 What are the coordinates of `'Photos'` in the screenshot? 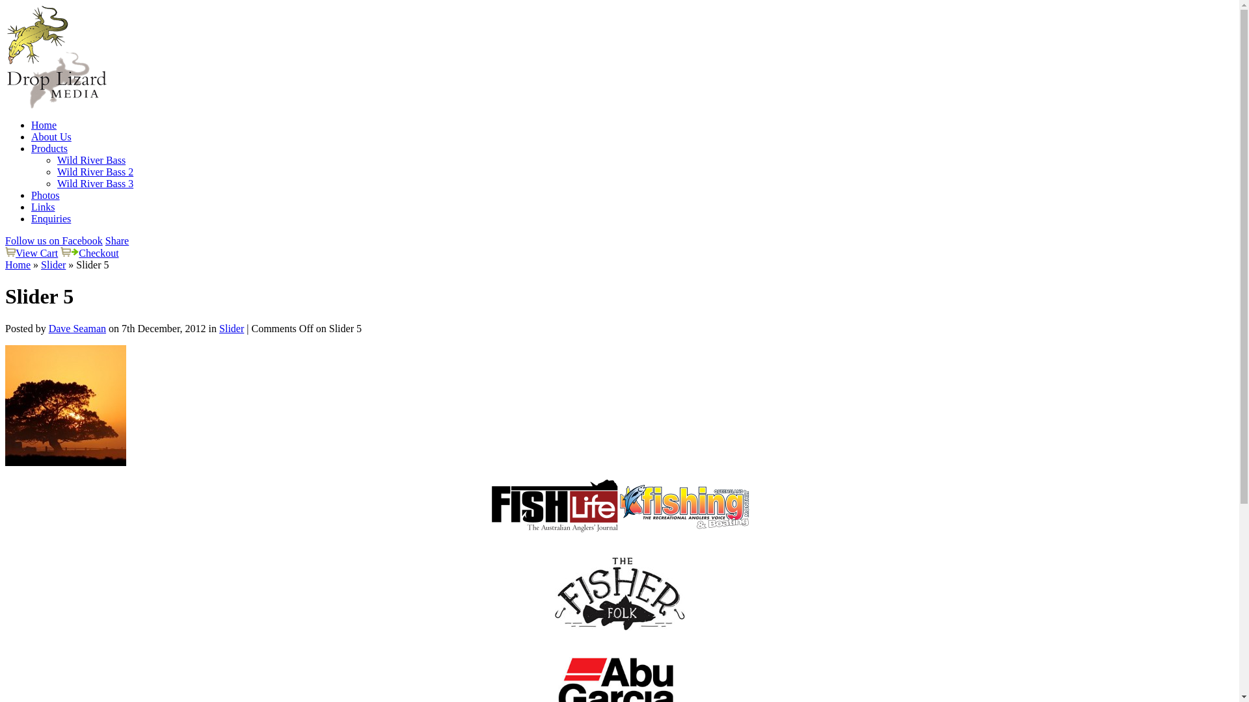 It's located at (46, 195).